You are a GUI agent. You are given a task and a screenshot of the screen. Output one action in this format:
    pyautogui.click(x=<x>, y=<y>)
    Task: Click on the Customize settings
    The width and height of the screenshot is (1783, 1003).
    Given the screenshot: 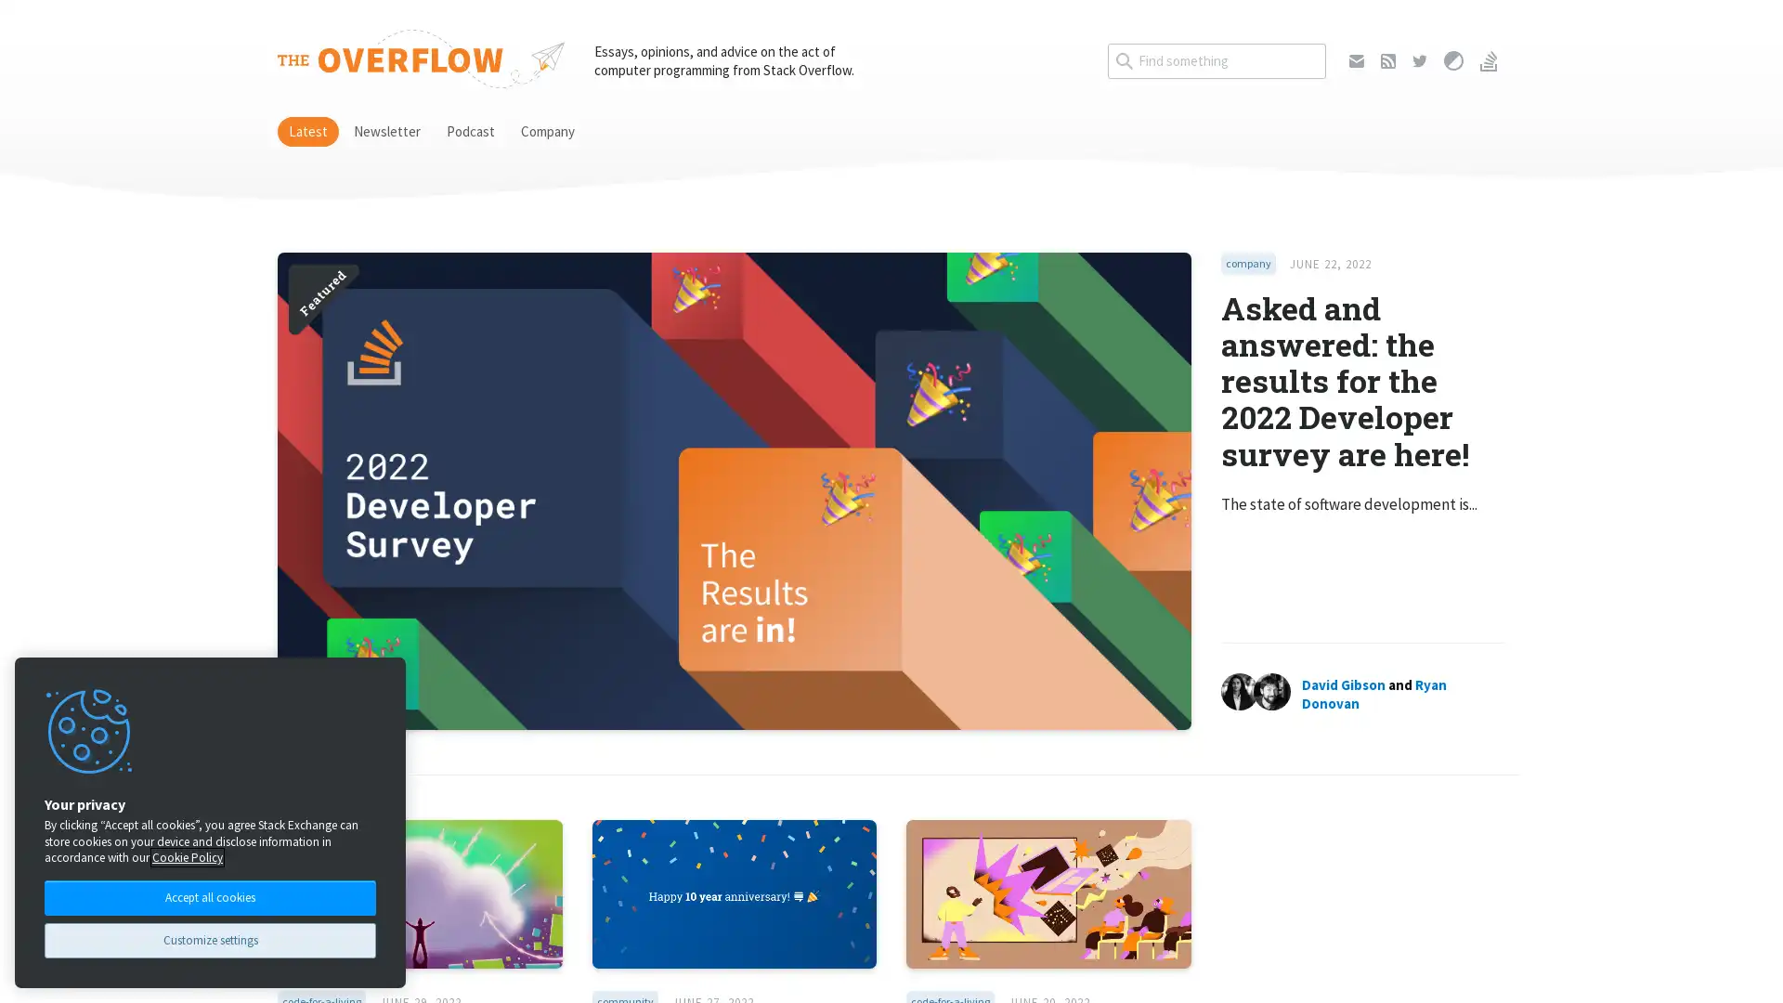 What is the action you would take?
    pyautogui.click(x=210, y=940)
    